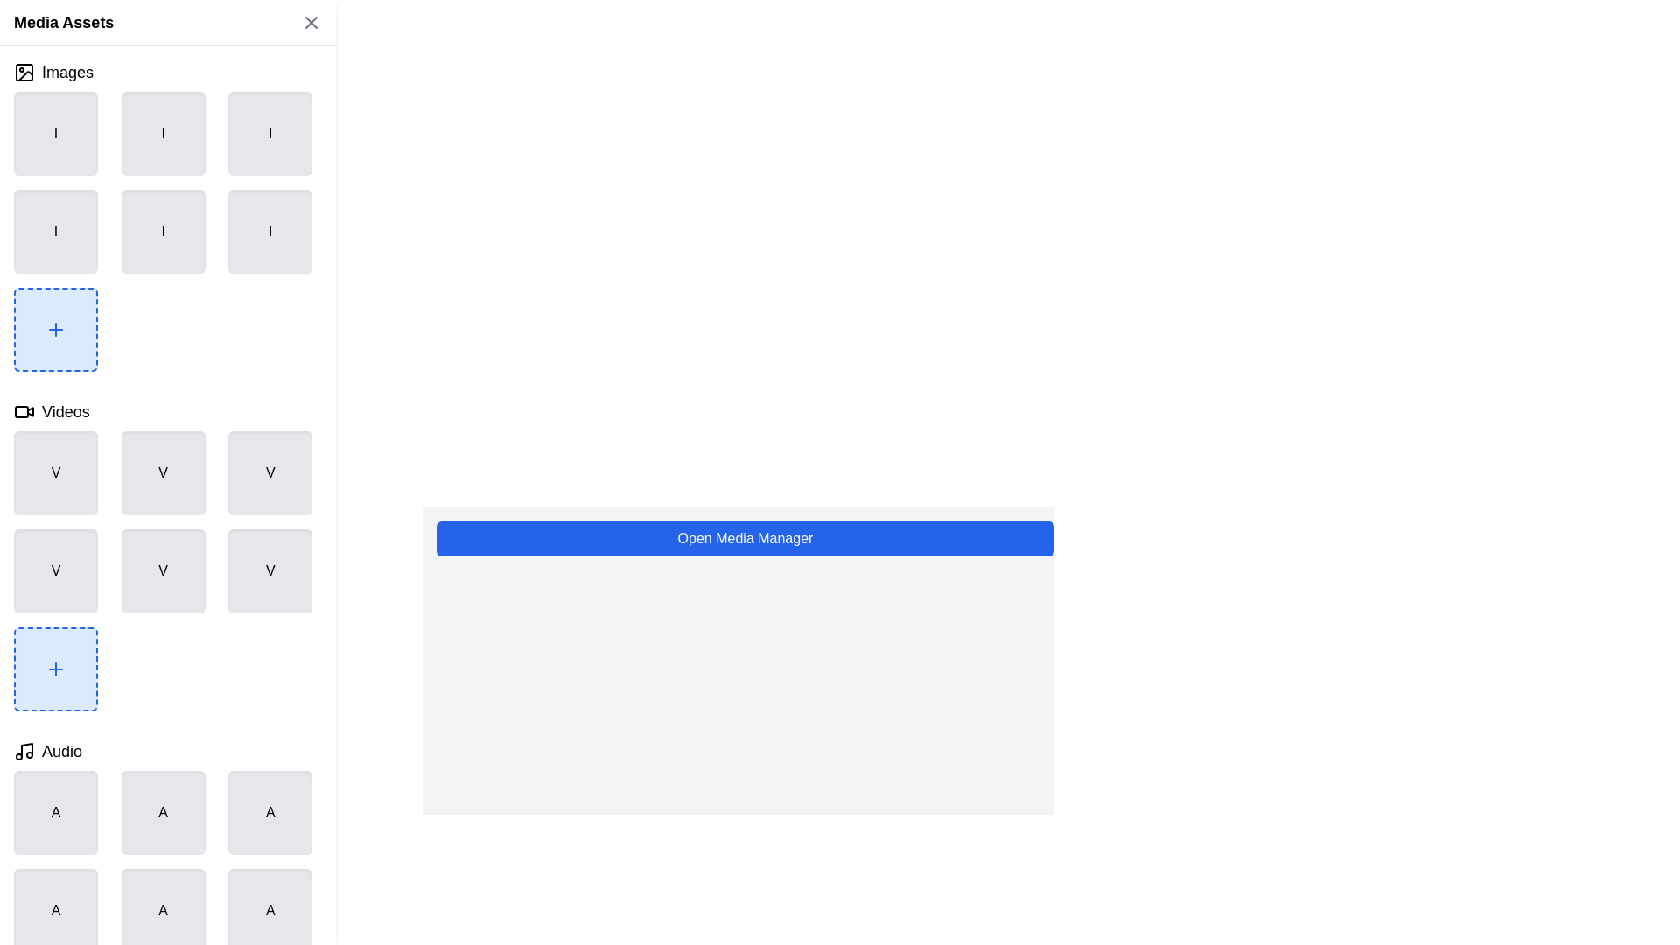  I want to click on the static text label 'Media Assets' located at the top-left corner of the interface, so click(64, 23).